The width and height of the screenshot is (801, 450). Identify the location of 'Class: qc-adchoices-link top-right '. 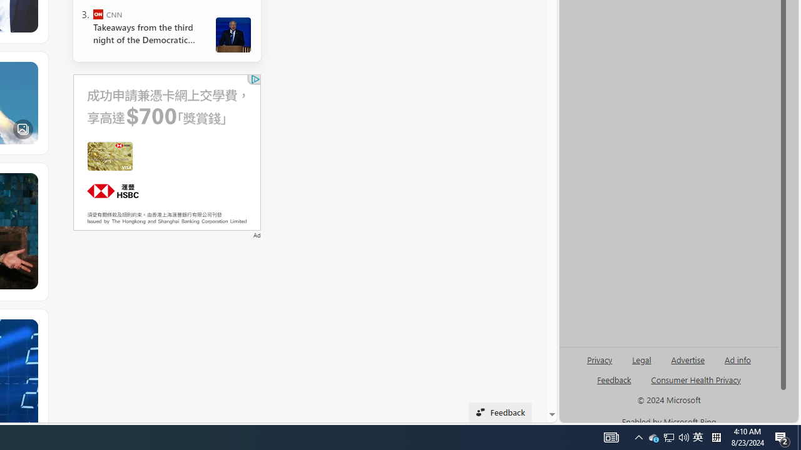
(254, 79).